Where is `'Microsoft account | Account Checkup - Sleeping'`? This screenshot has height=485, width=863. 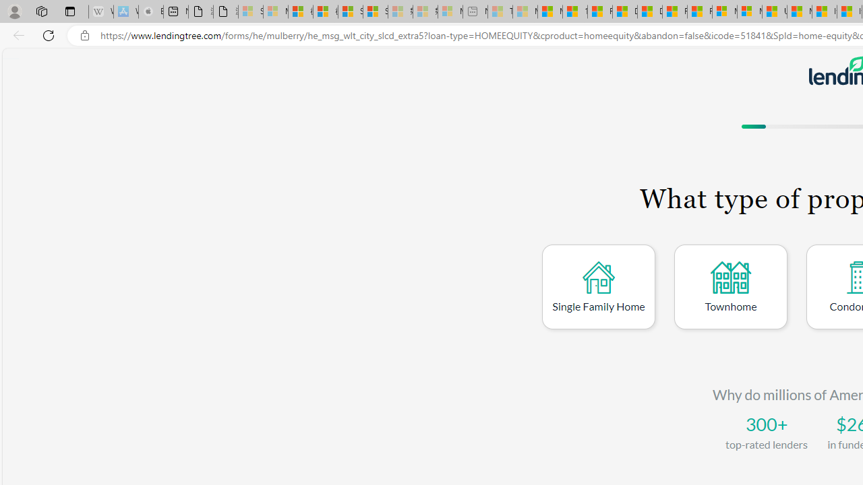 'Microsoft account | Account Checkup - Sleeping' is located at coordinates (450, 11).